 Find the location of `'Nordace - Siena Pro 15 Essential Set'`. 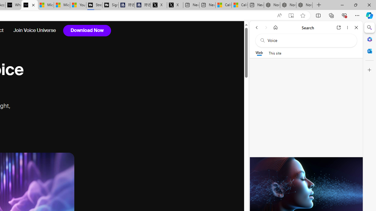

'Nordace - Siena Pro 15 Essential Set' is located at coordinates (304, 5).